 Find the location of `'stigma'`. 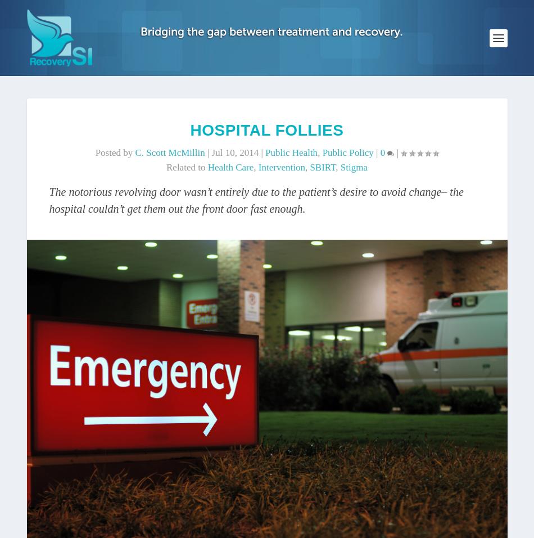

'stigma' is located at coordinates (353, 167).